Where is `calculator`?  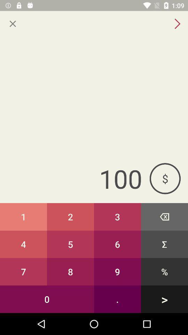 calculator is located at coordinates (13, 24).